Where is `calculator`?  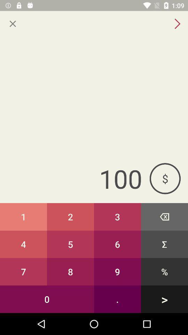 calculator is located at coordinates (13, 24).